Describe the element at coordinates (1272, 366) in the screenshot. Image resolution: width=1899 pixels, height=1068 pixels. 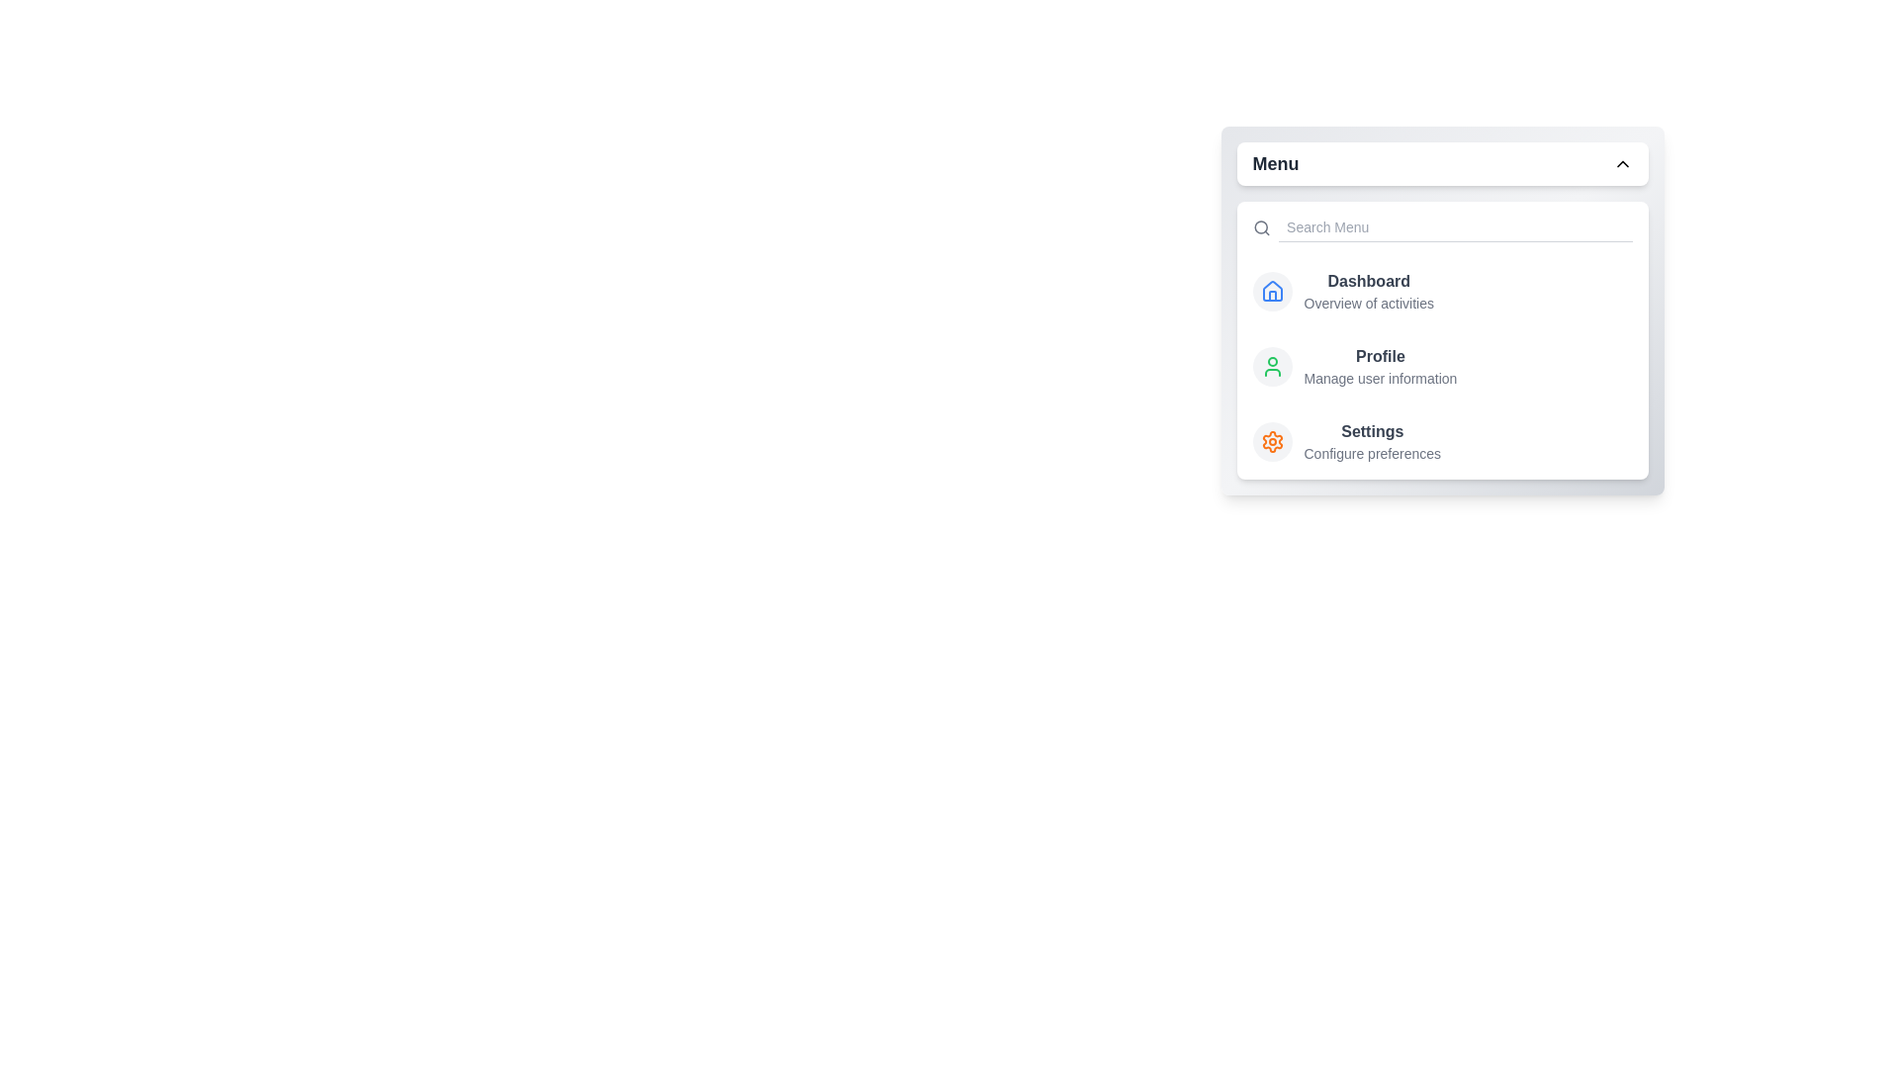
I see `the menu item labeled 'Profile' to view its hover effect` at that location.